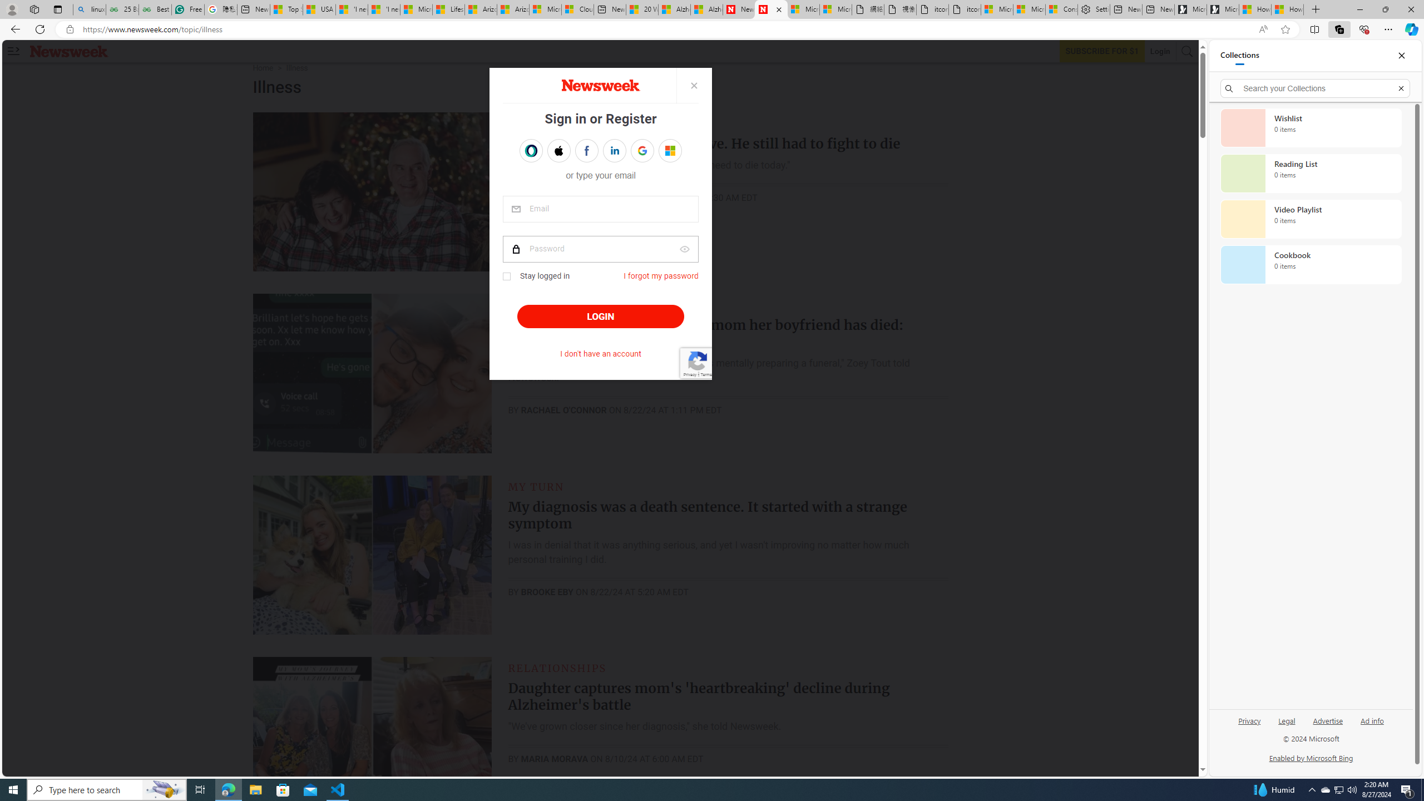 Image resolution: width=1424 pixels, height=801 pixels. Describe the element at coordinates (1311, 264) in the screenshot. I see `'Cookbook collection, 0 items'` at that location.